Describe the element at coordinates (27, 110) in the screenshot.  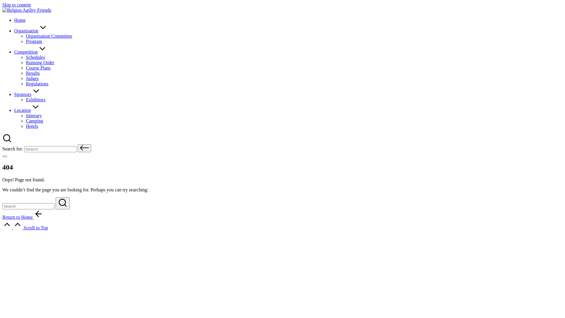
I see `'Location'` at that location.